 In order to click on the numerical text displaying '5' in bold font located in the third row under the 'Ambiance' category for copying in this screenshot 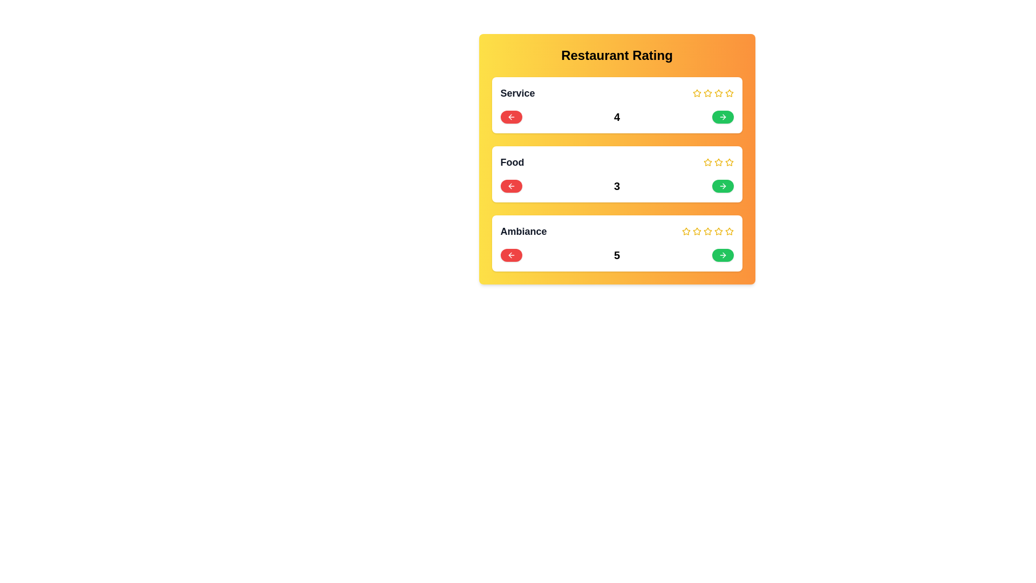, I will do `click(617, 255)`.